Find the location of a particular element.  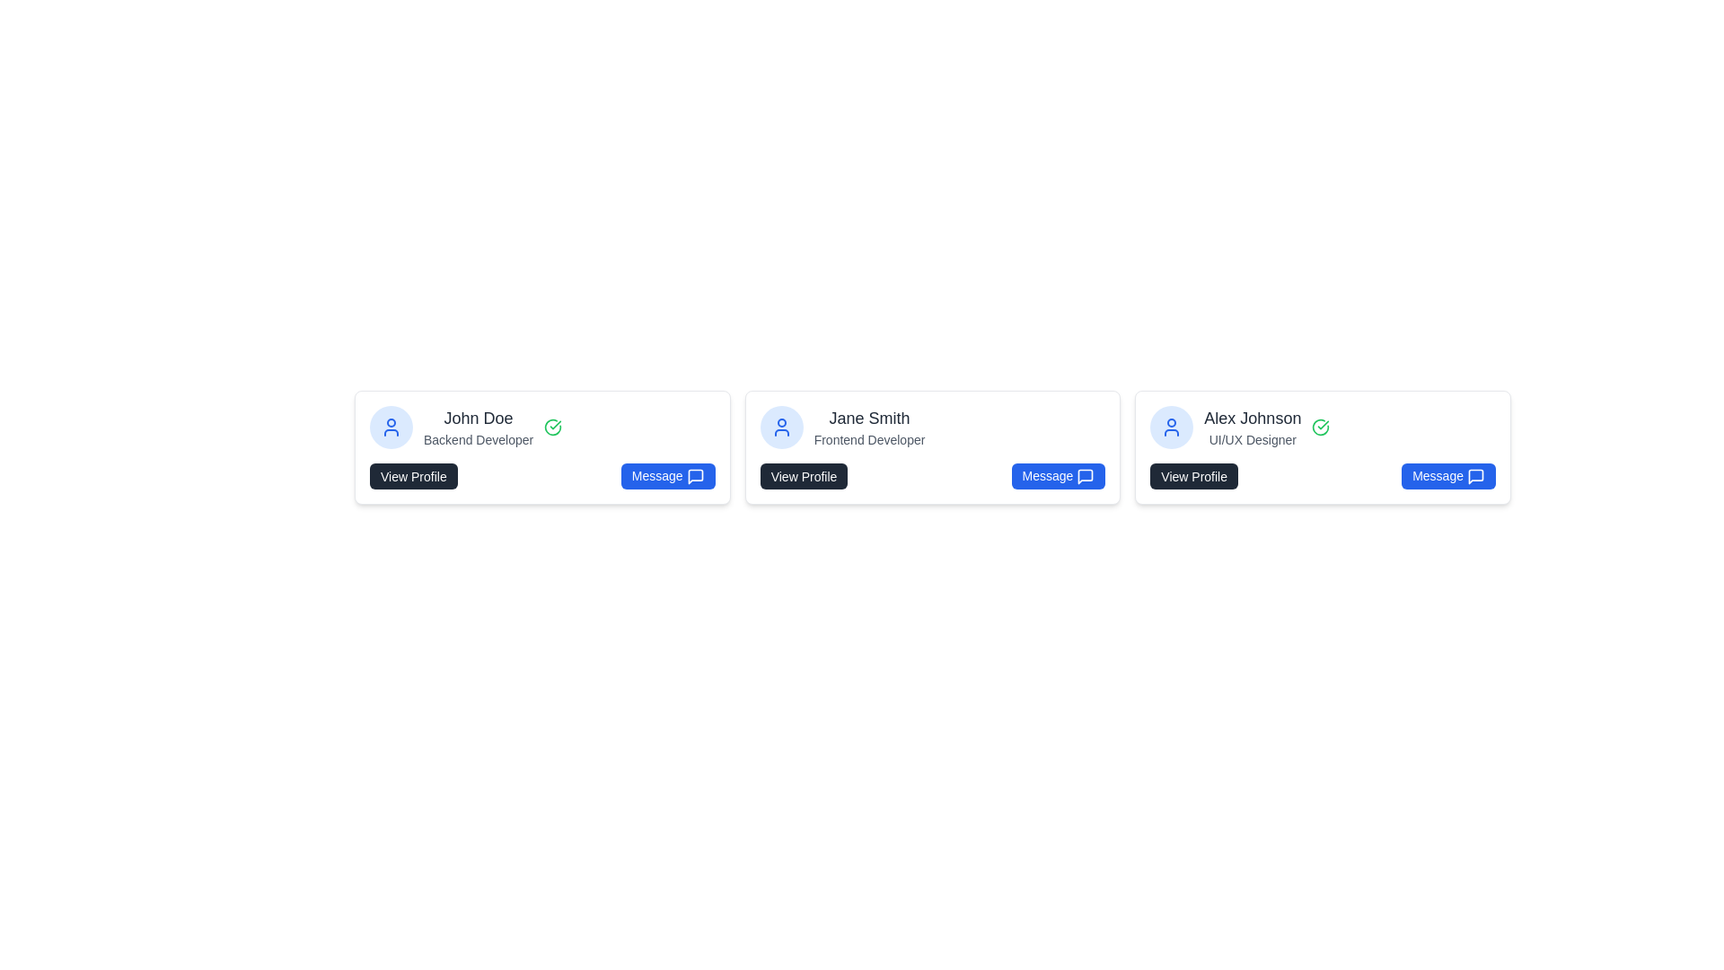

the button that allows the user is located at coordinates (803, 475).